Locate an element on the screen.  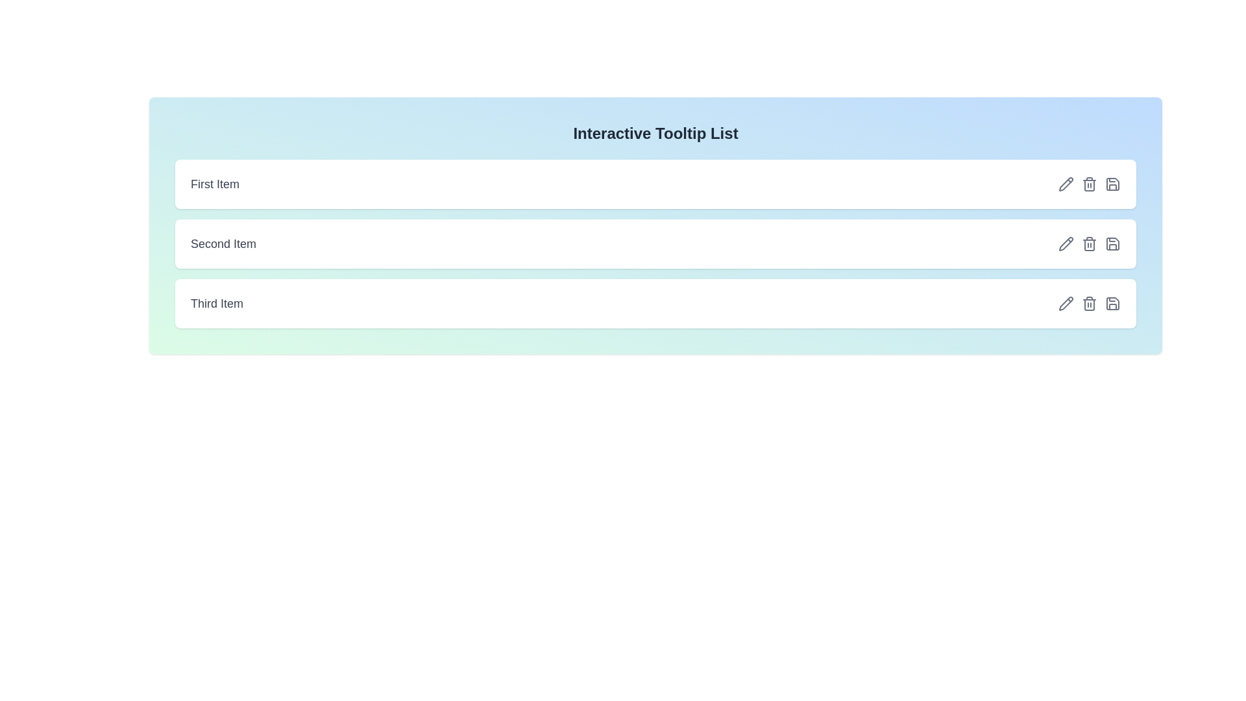
the save button icon at the far right end of the third list item in the 'Interactive Tooltip List' for visibility is located at coordinates (1112, 303).